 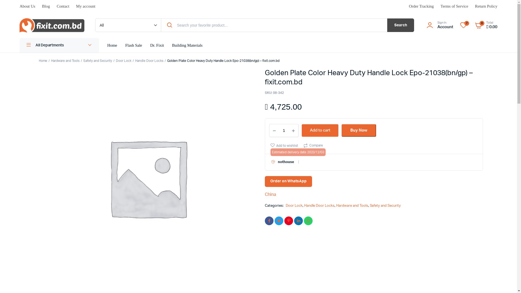 I want to click on 'Flash Sale', so click(x=134, y=45).